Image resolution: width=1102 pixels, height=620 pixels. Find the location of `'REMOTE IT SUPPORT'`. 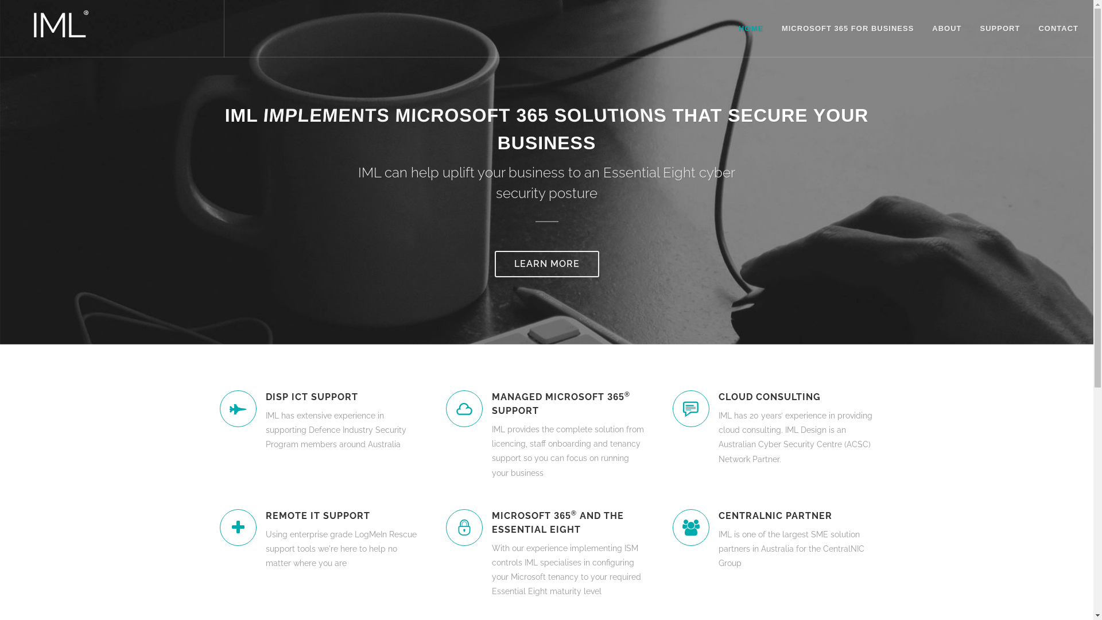

'REMOTE IT SUPPORT' is located at coordinates (342, 515).